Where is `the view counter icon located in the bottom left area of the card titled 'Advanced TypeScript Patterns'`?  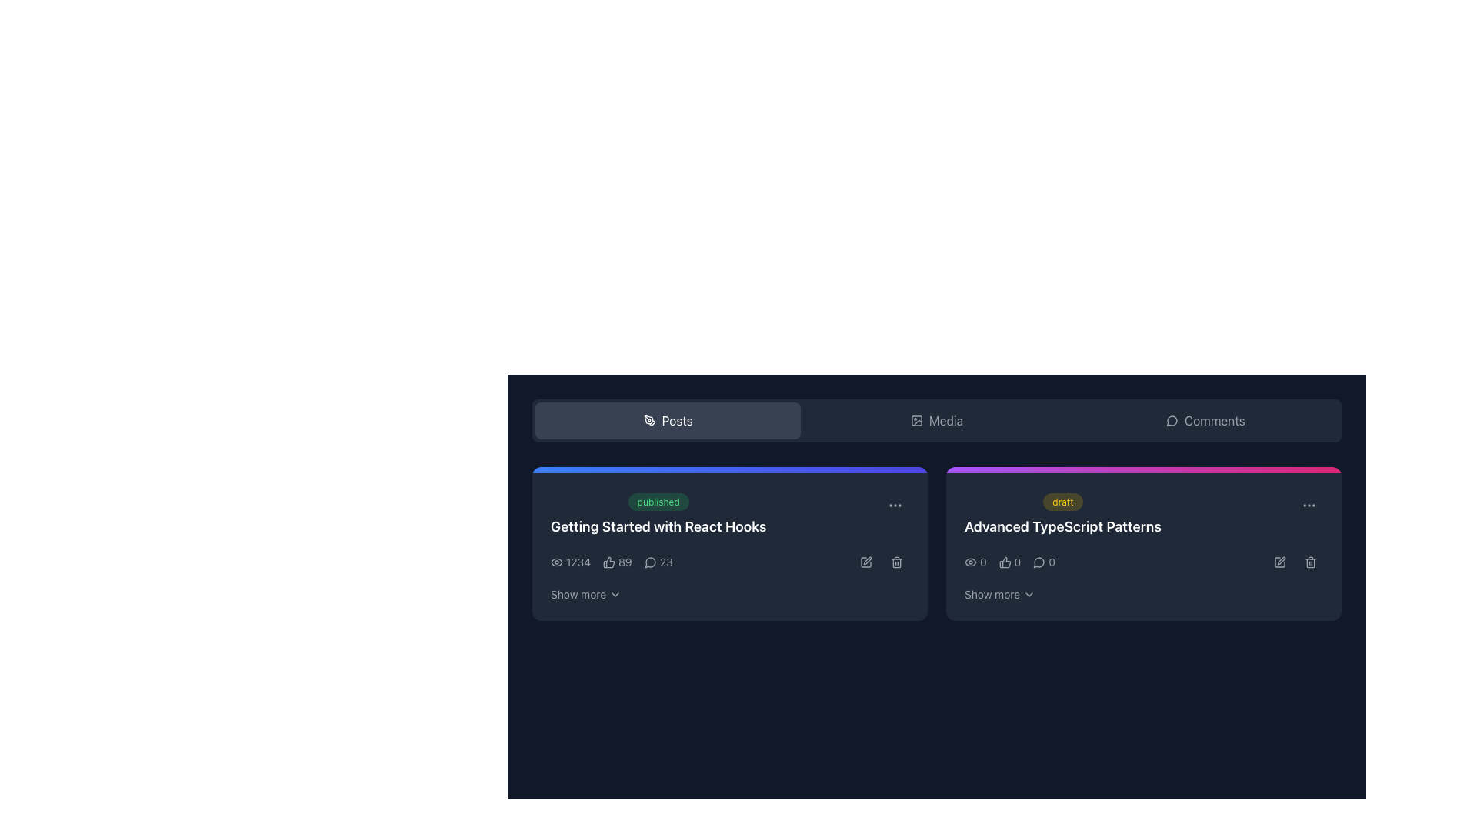
the view counter icon located in the bottom left area of the card titled 'Advanced TypeScript Patterns' is located at coordinates (975, 562).